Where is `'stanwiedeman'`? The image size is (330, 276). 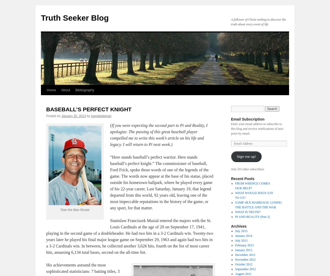
'stanwiedeman' is located at coordinates (101, 116).